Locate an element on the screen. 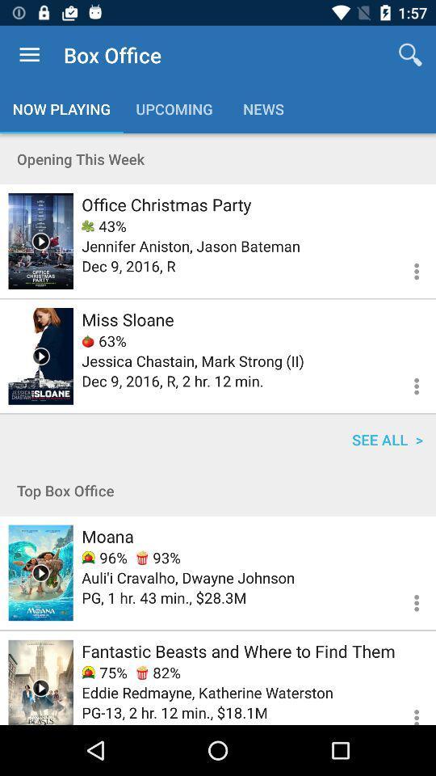 This screenshot has width=436, height=776. watch a video trailer is located at coordinates (40, 240).